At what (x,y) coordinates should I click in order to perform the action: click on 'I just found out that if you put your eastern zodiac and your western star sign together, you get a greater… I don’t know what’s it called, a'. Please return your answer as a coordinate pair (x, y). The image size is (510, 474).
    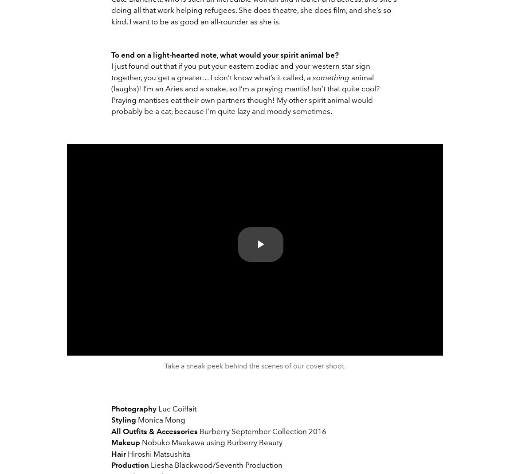
    Looking at the image, I should click on (241, 71).